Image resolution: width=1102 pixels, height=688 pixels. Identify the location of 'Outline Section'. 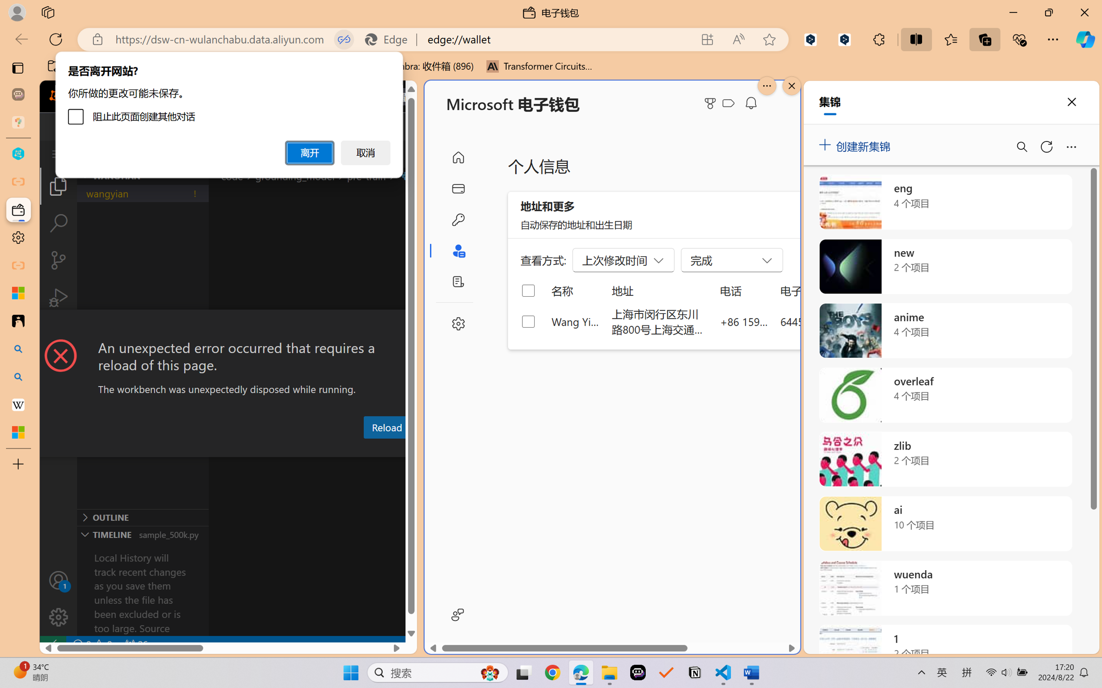
(143, 516).